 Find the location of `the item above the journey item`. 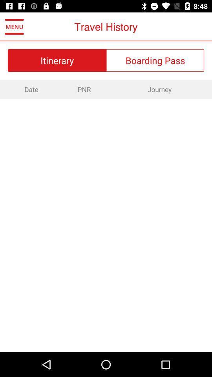

the item above the journey item is located at coordinates (155, 60).